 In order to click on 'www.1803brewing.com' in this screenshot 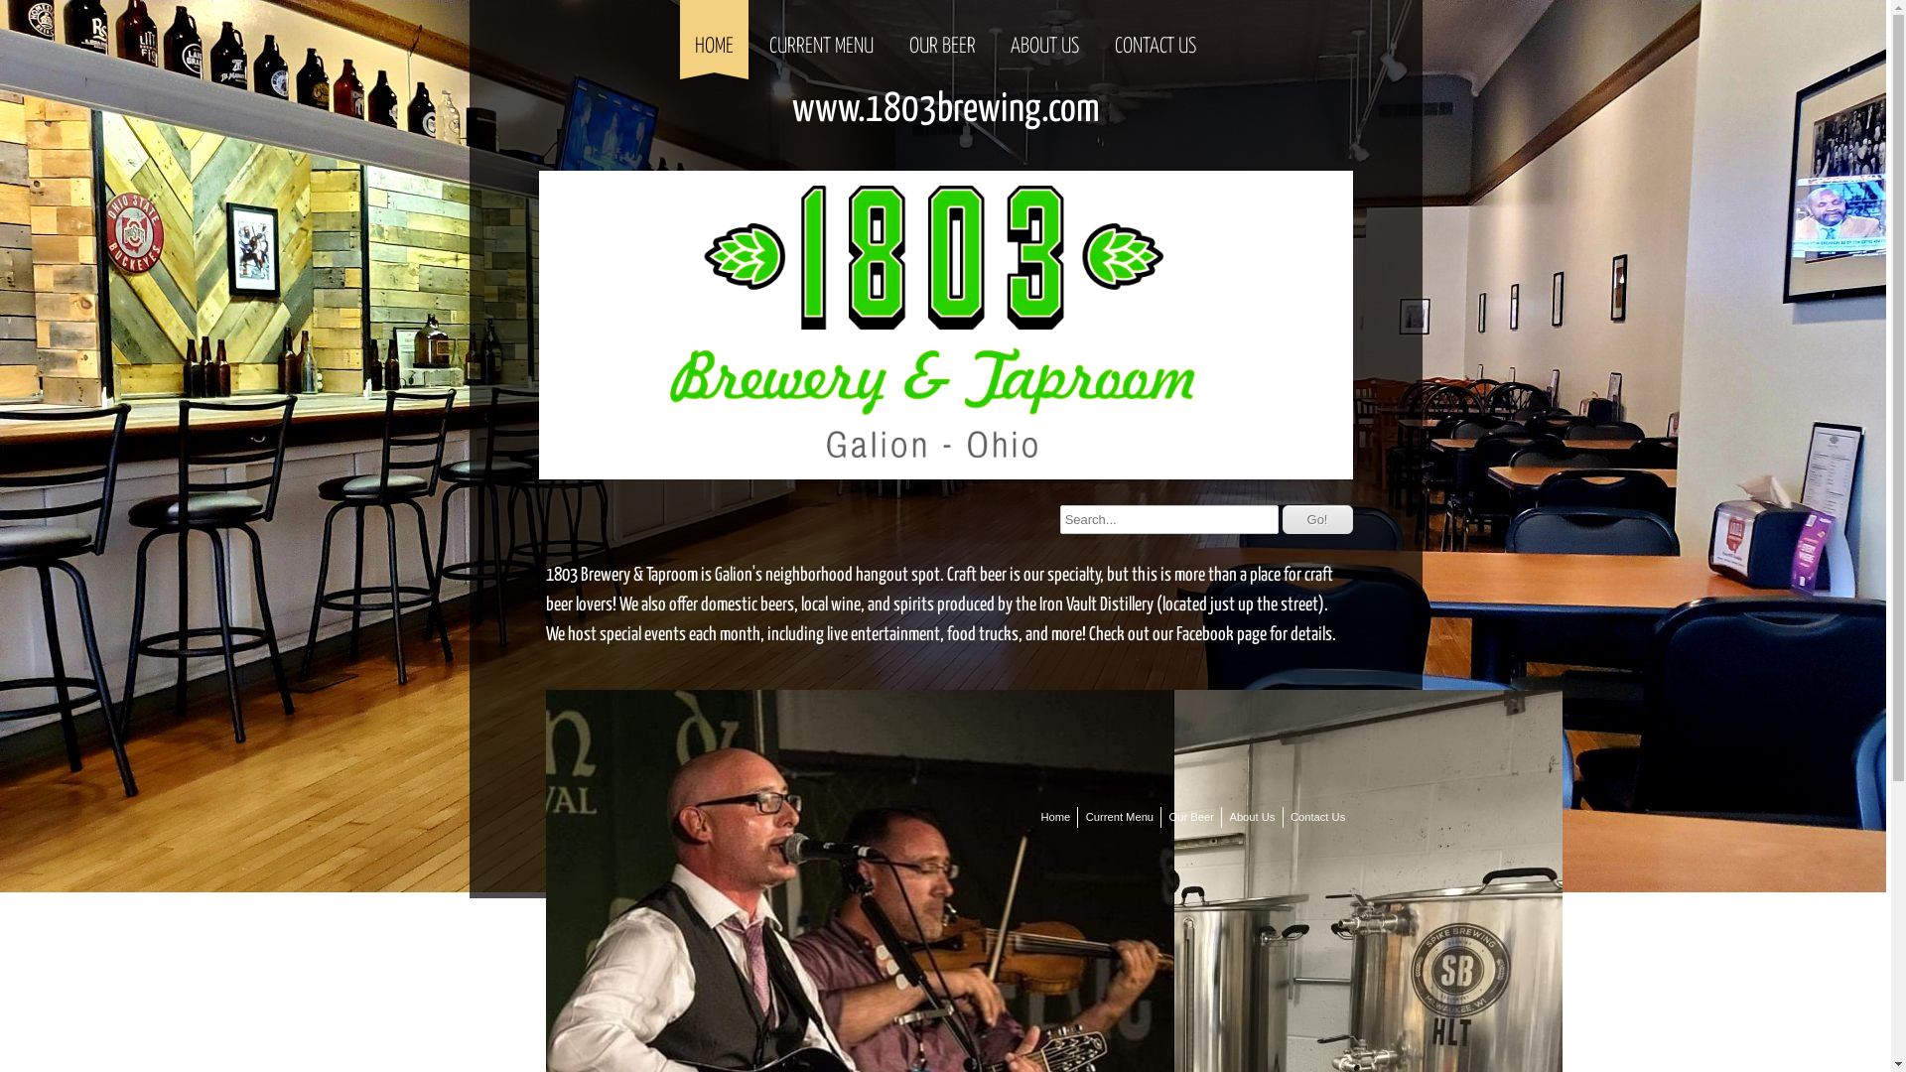, I will do `click(945, 109)`.